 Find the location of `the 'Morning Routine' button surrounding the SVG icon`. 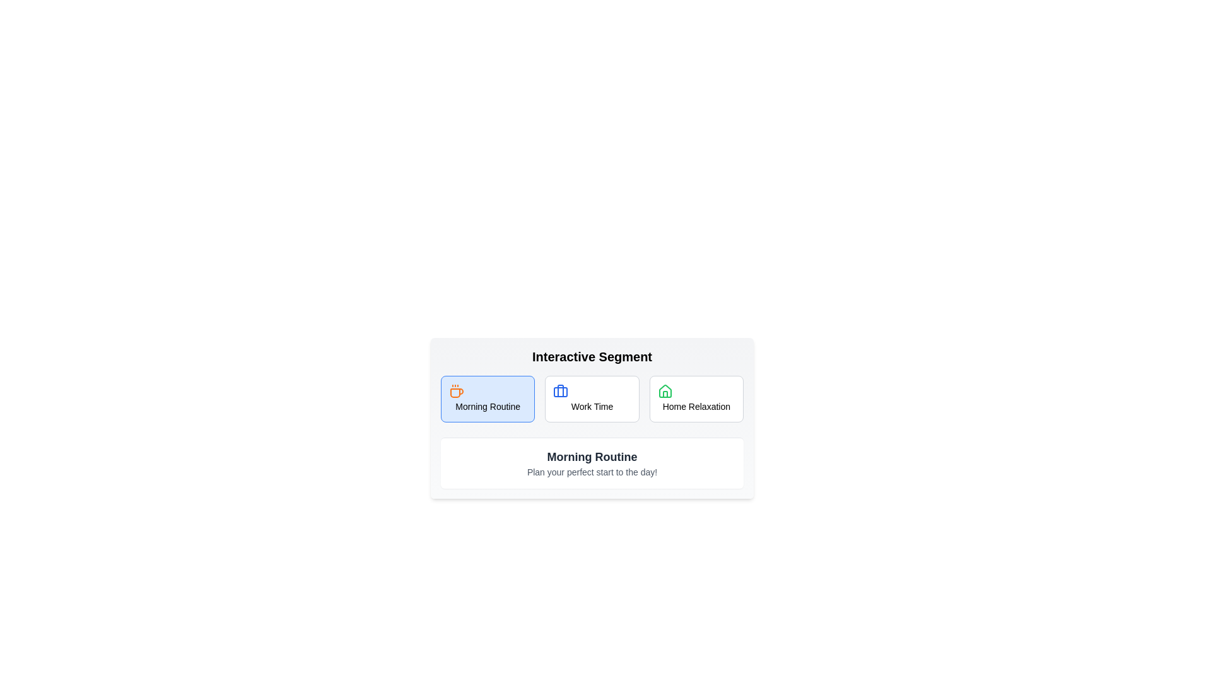

the 'Morning Routine' button surrounding the SVG icon is located at coordinates (456, 391).